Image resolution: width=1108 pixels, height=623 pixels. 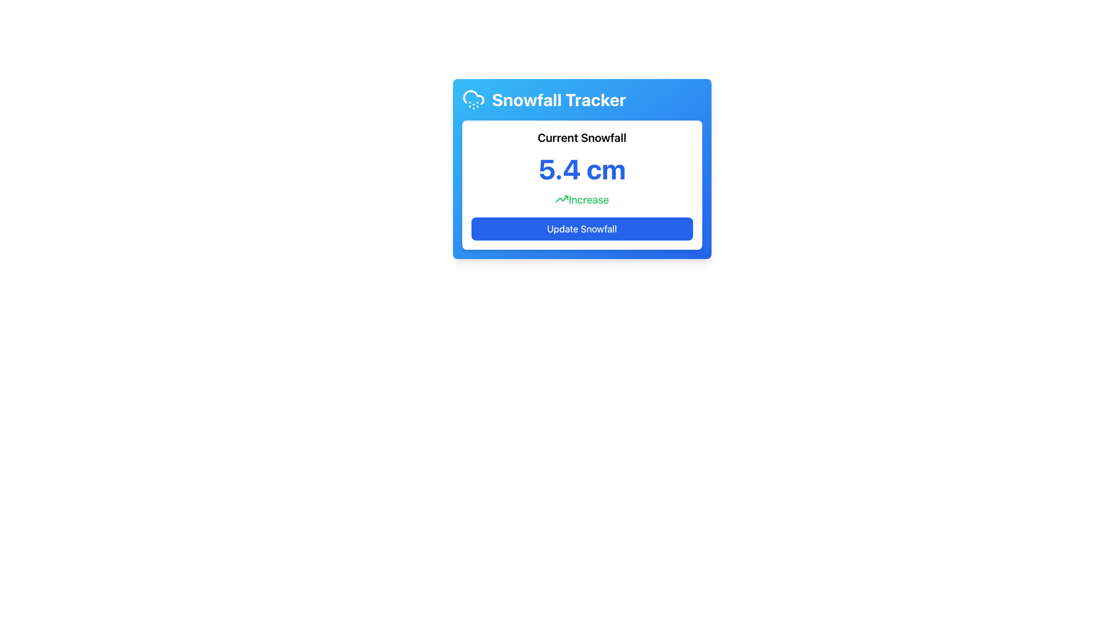 I want to click on the Graphical SVG element indicating an increase, located within the 'Snowfall Tracker' card, adjacent to the 'Increase' text, so click(x=562, y=198).